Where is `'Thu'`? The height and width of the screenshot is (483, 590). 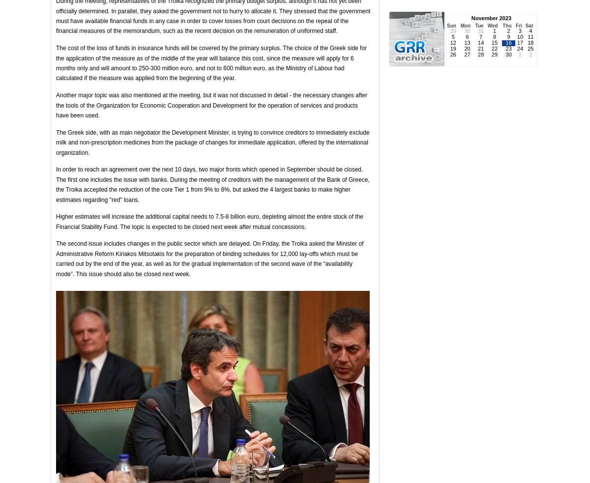 'Thu' is located at coordinates (507, 25).